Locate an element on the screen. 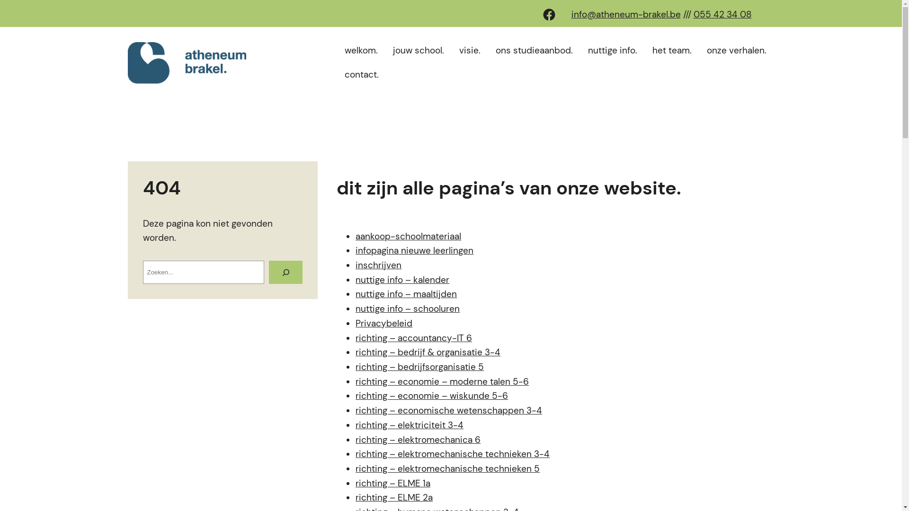  'Privacybeleid' is located at coordinates (384, 323).